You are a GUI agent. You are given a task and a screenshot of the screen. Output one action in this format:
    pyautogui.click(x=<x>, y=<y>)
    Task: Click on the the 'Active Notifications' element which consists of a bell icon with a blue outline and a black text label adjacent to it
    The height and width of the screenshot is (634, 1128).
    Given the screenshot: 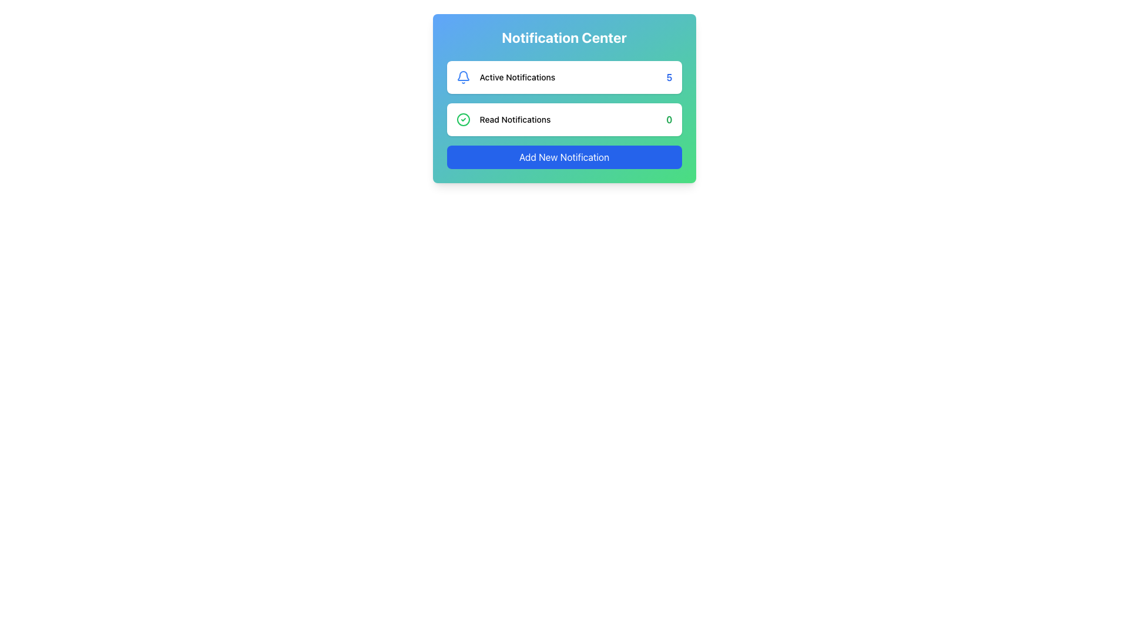 What is the action you would take?
    pyautogui.click(x=505, y=77)
    